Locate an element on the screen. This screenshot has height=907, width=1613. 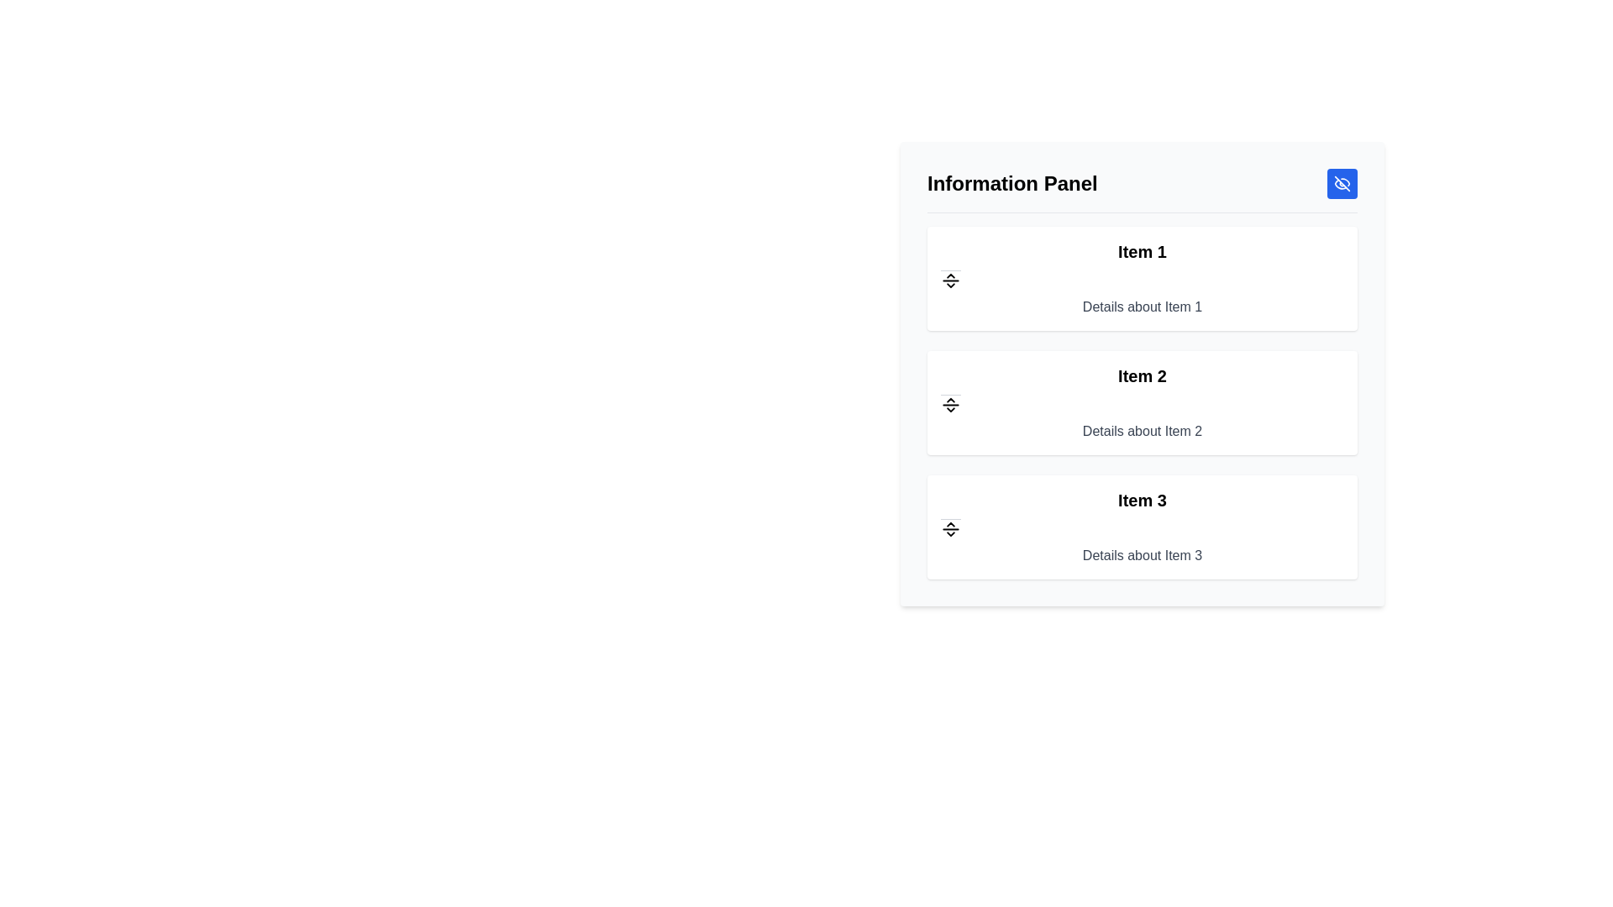
the horizontal separator with arrow indicators located between the title 'Item 3' and the descriptive text 'Details about Item 3' within the card labeled 'Item 3' is located at coordinates (951, 527).